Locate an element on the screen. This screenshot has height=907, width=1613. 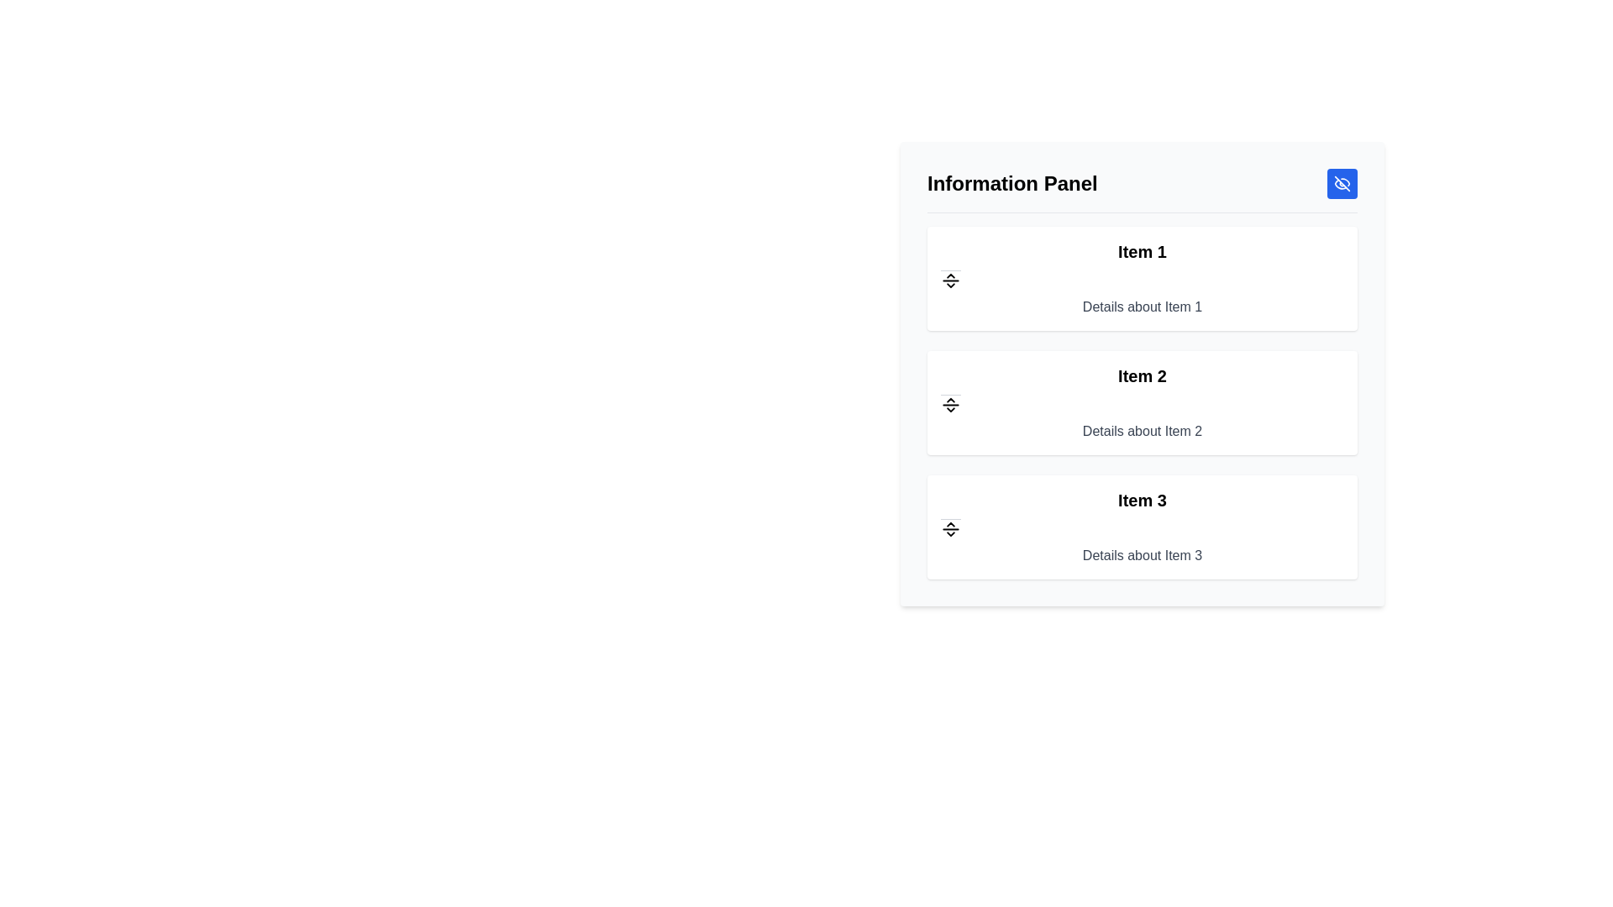
the horizontal separator with arrow indicators located between the title 'Item 3' and the descriptive text 'Details about Item 3' within the card labeled 'Item 3' is located at coordinates (951, 527).